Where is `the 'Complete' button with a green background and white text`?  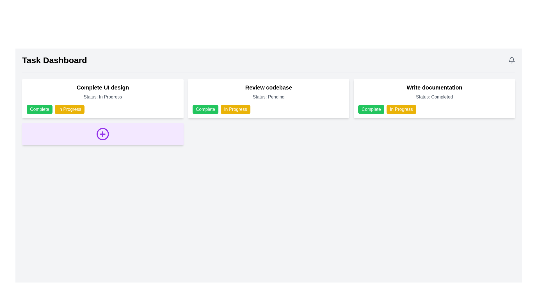 the 'Complete' button with a green background and white text is located at coordinates (39, 109).